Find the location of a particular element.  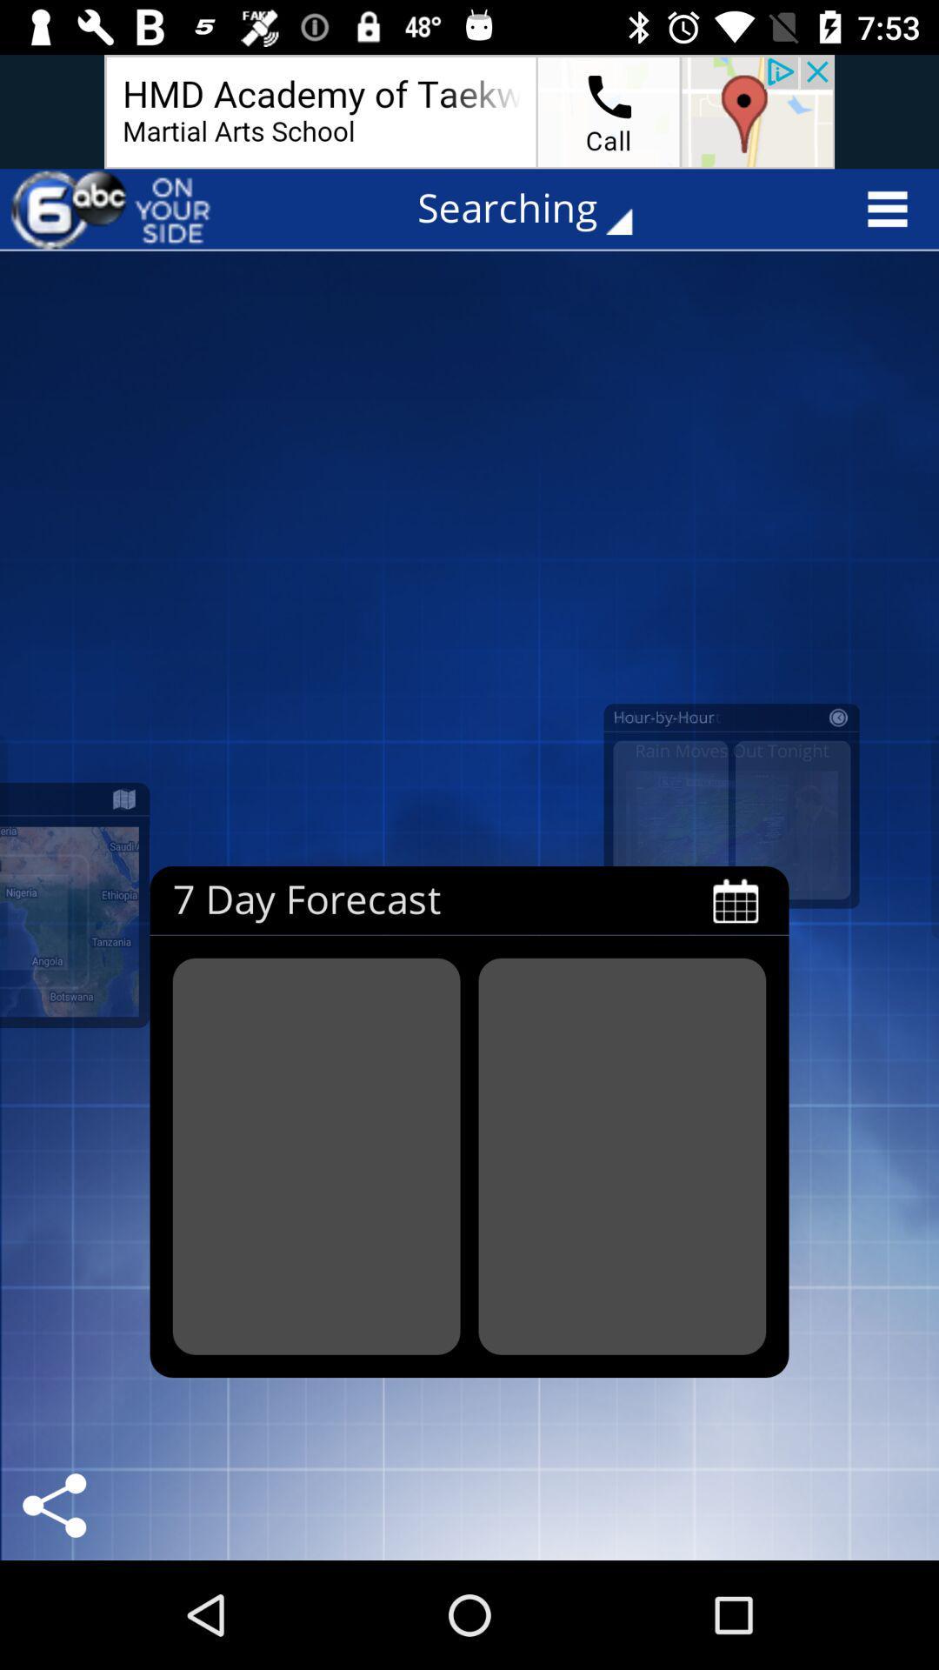

the share icon is located at coordinates (53, 1505).